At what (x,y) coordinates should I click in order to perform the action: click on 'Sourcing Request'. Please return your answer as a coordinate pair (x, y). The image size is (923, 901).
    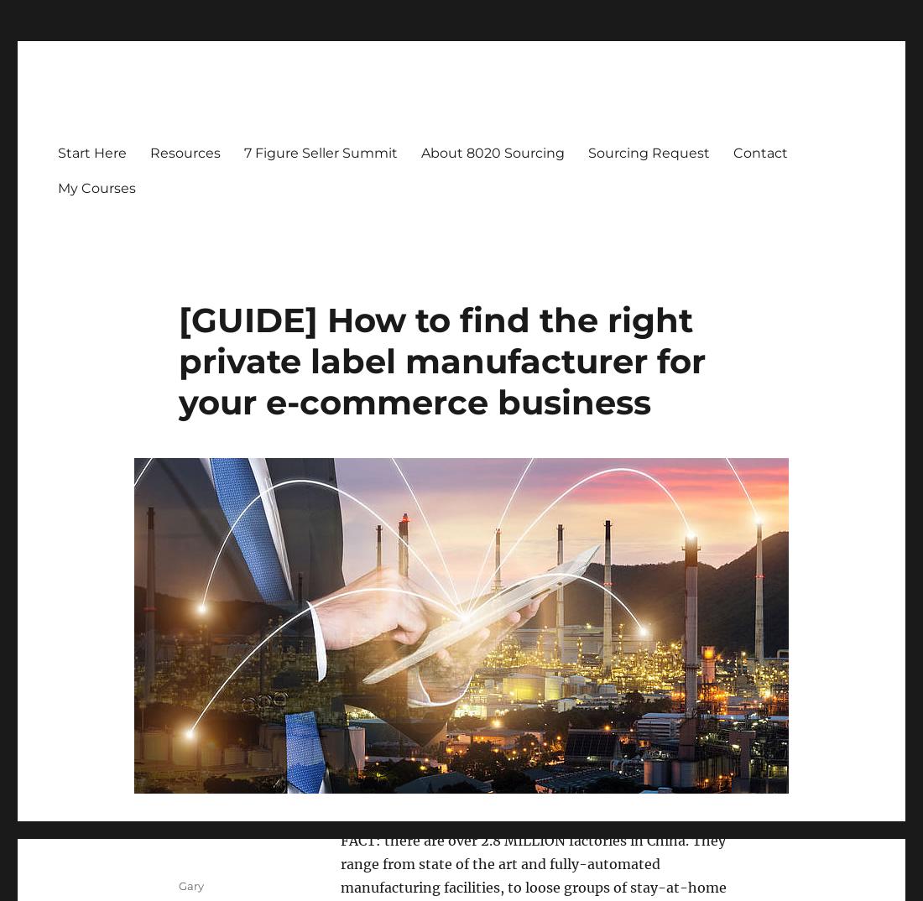
    Looking at the image, I should click on (649, 152).